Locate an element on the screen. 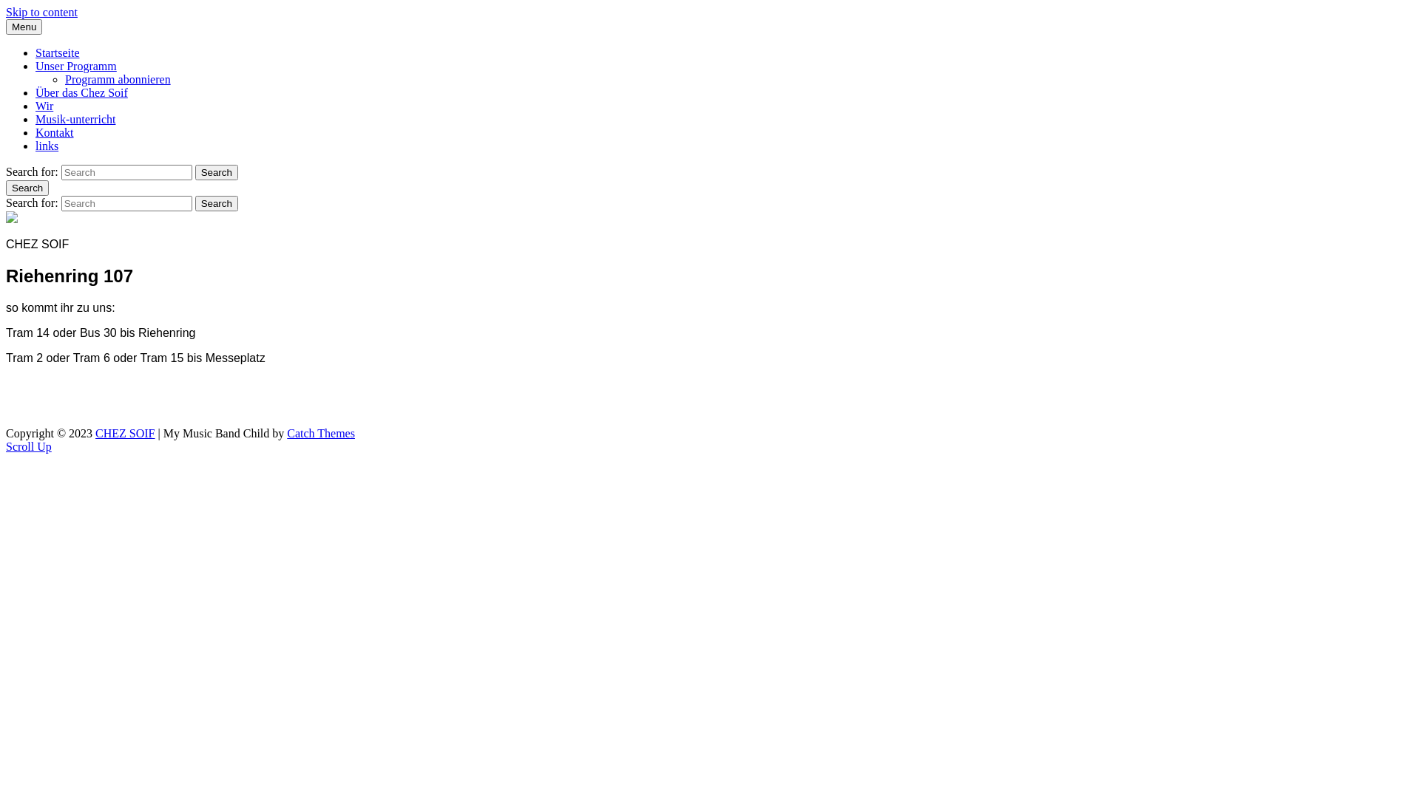  'Startseite' is located at coordinates (57, 52).